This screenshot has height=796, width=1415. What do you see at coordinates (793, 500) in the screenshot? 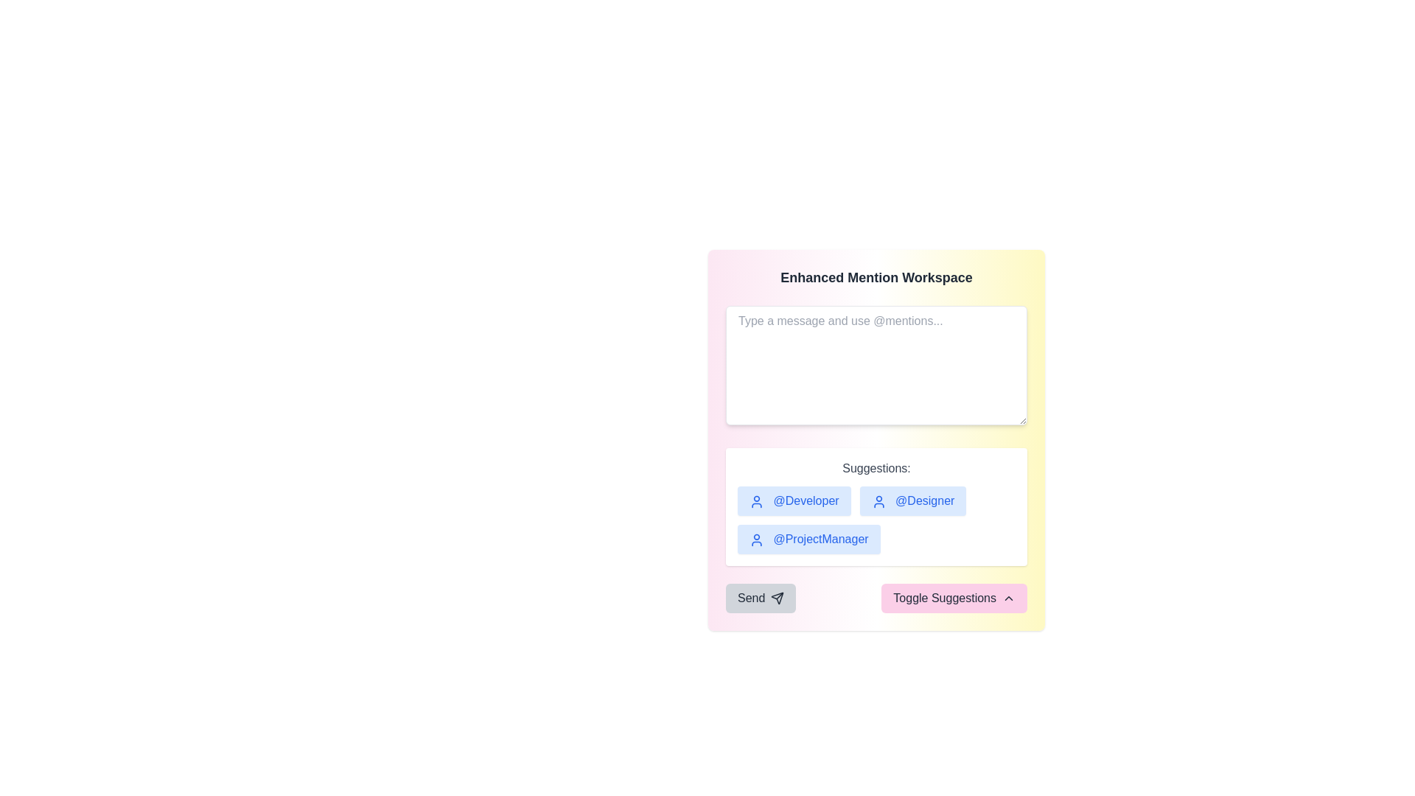
I see `the rounded button with a blue background and white text displaying '@Developer', located at the bottom of the suggestion panel` at bounding box center [793, 500].